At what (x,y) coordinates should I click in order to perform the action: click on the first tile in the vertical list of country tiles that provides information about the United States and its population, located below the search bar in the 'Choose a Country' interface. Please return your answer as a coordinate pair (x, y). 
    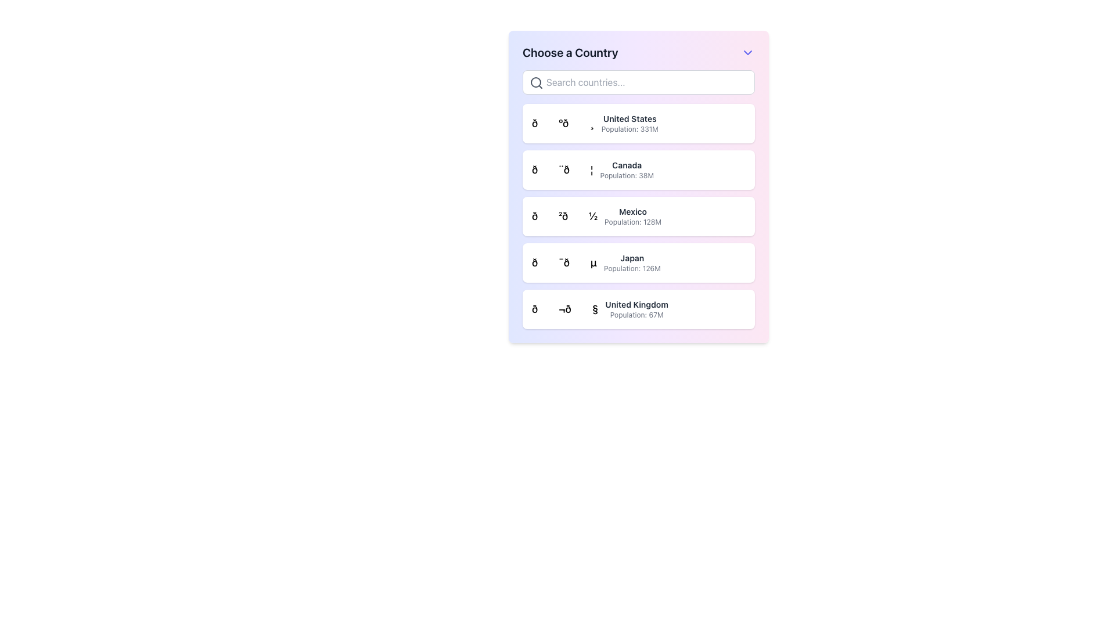
    Looking at the image, I should click on (638, 123).